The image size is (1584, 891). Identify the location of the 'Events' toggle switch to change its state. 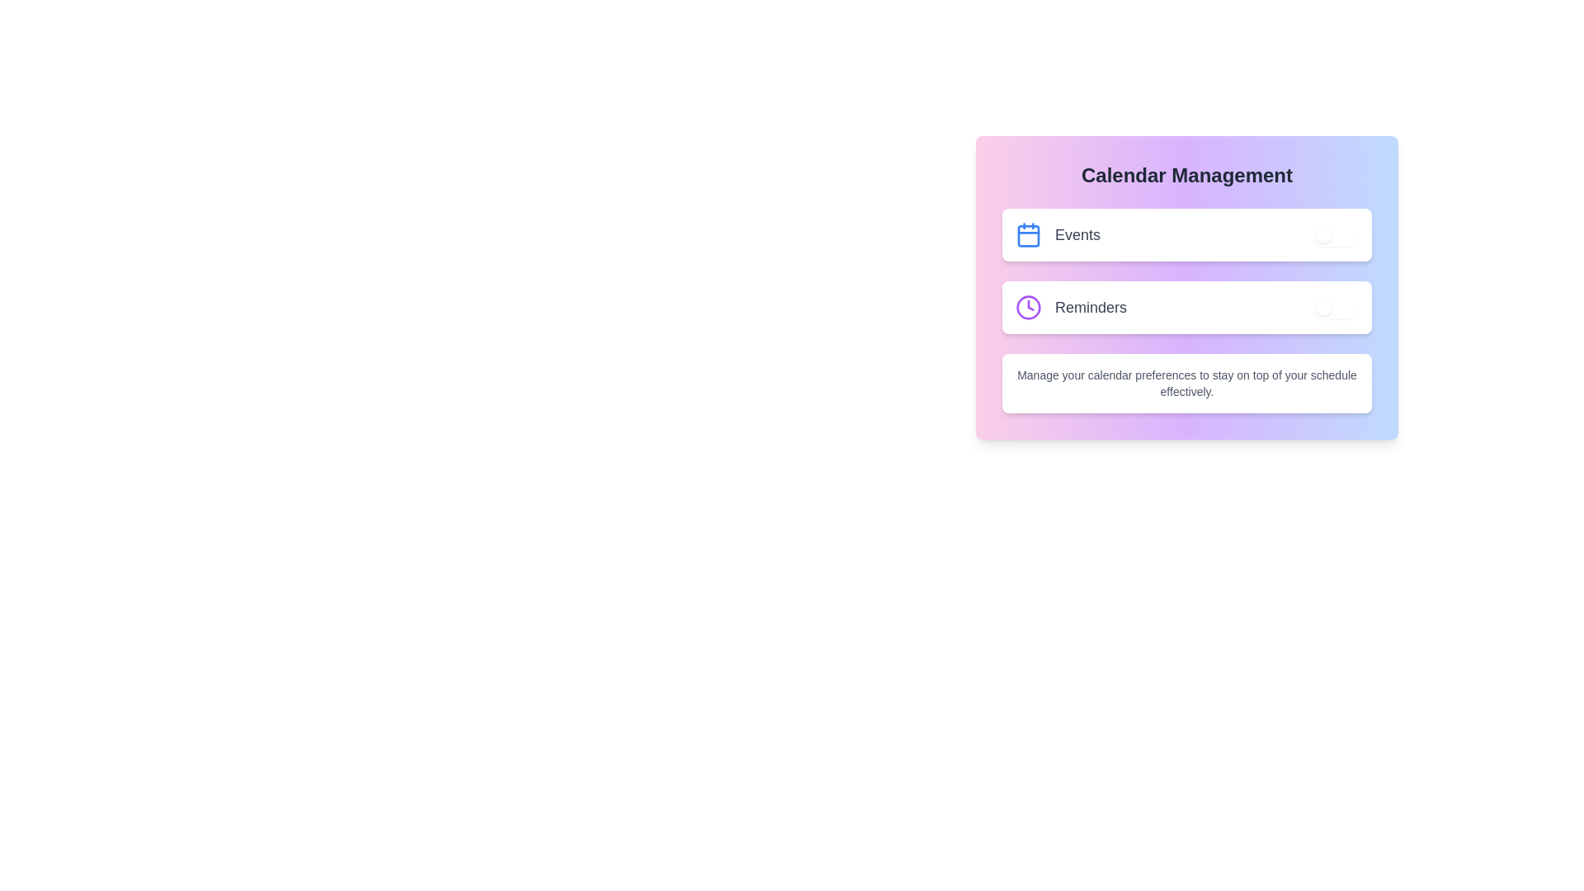
(1335, 235).